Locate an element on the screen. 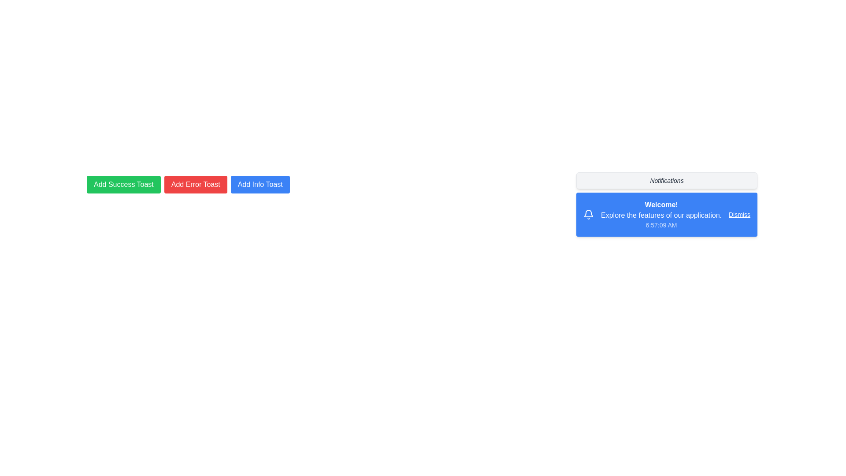 The width and height of the screenshot is (846, 476). the Text link in the top-right corner of the notification card to change its text color is located at coordinates (739, 214).